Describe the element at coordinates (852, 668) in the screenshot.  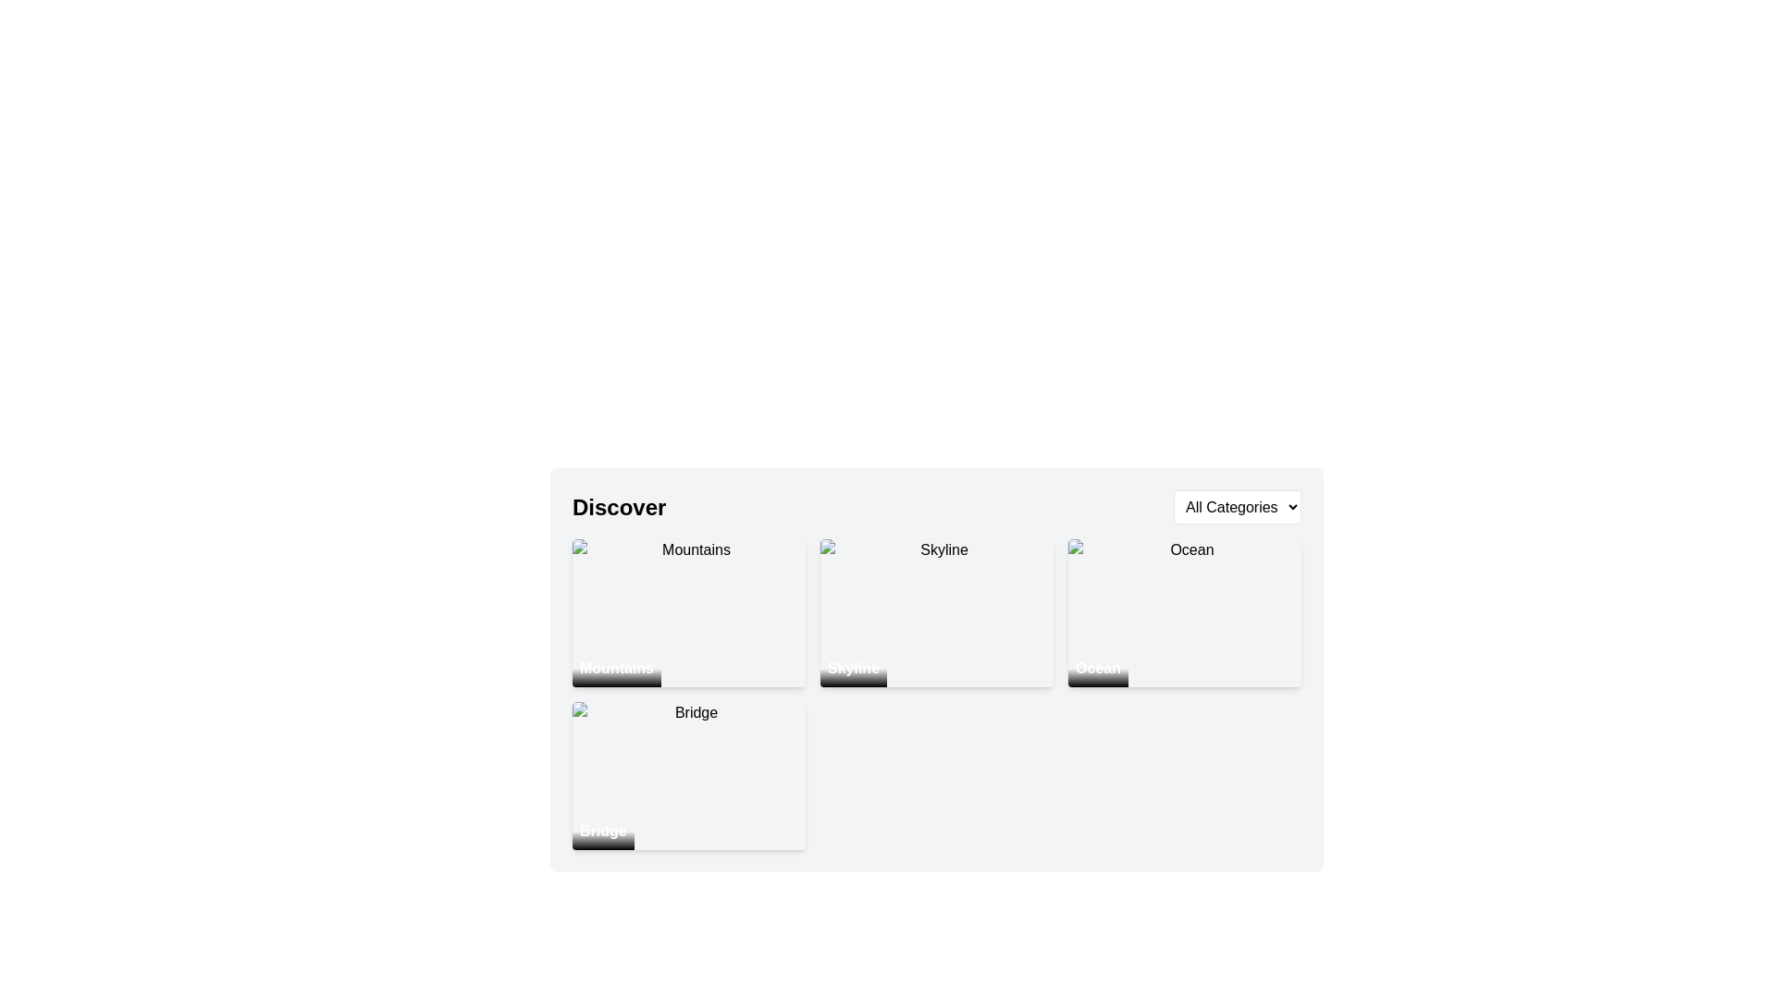
I see `bold text label 'Skyline' displayed in white font against a dark gradient background, located at the bottom of the second card in the 'Discover' section` at that location.